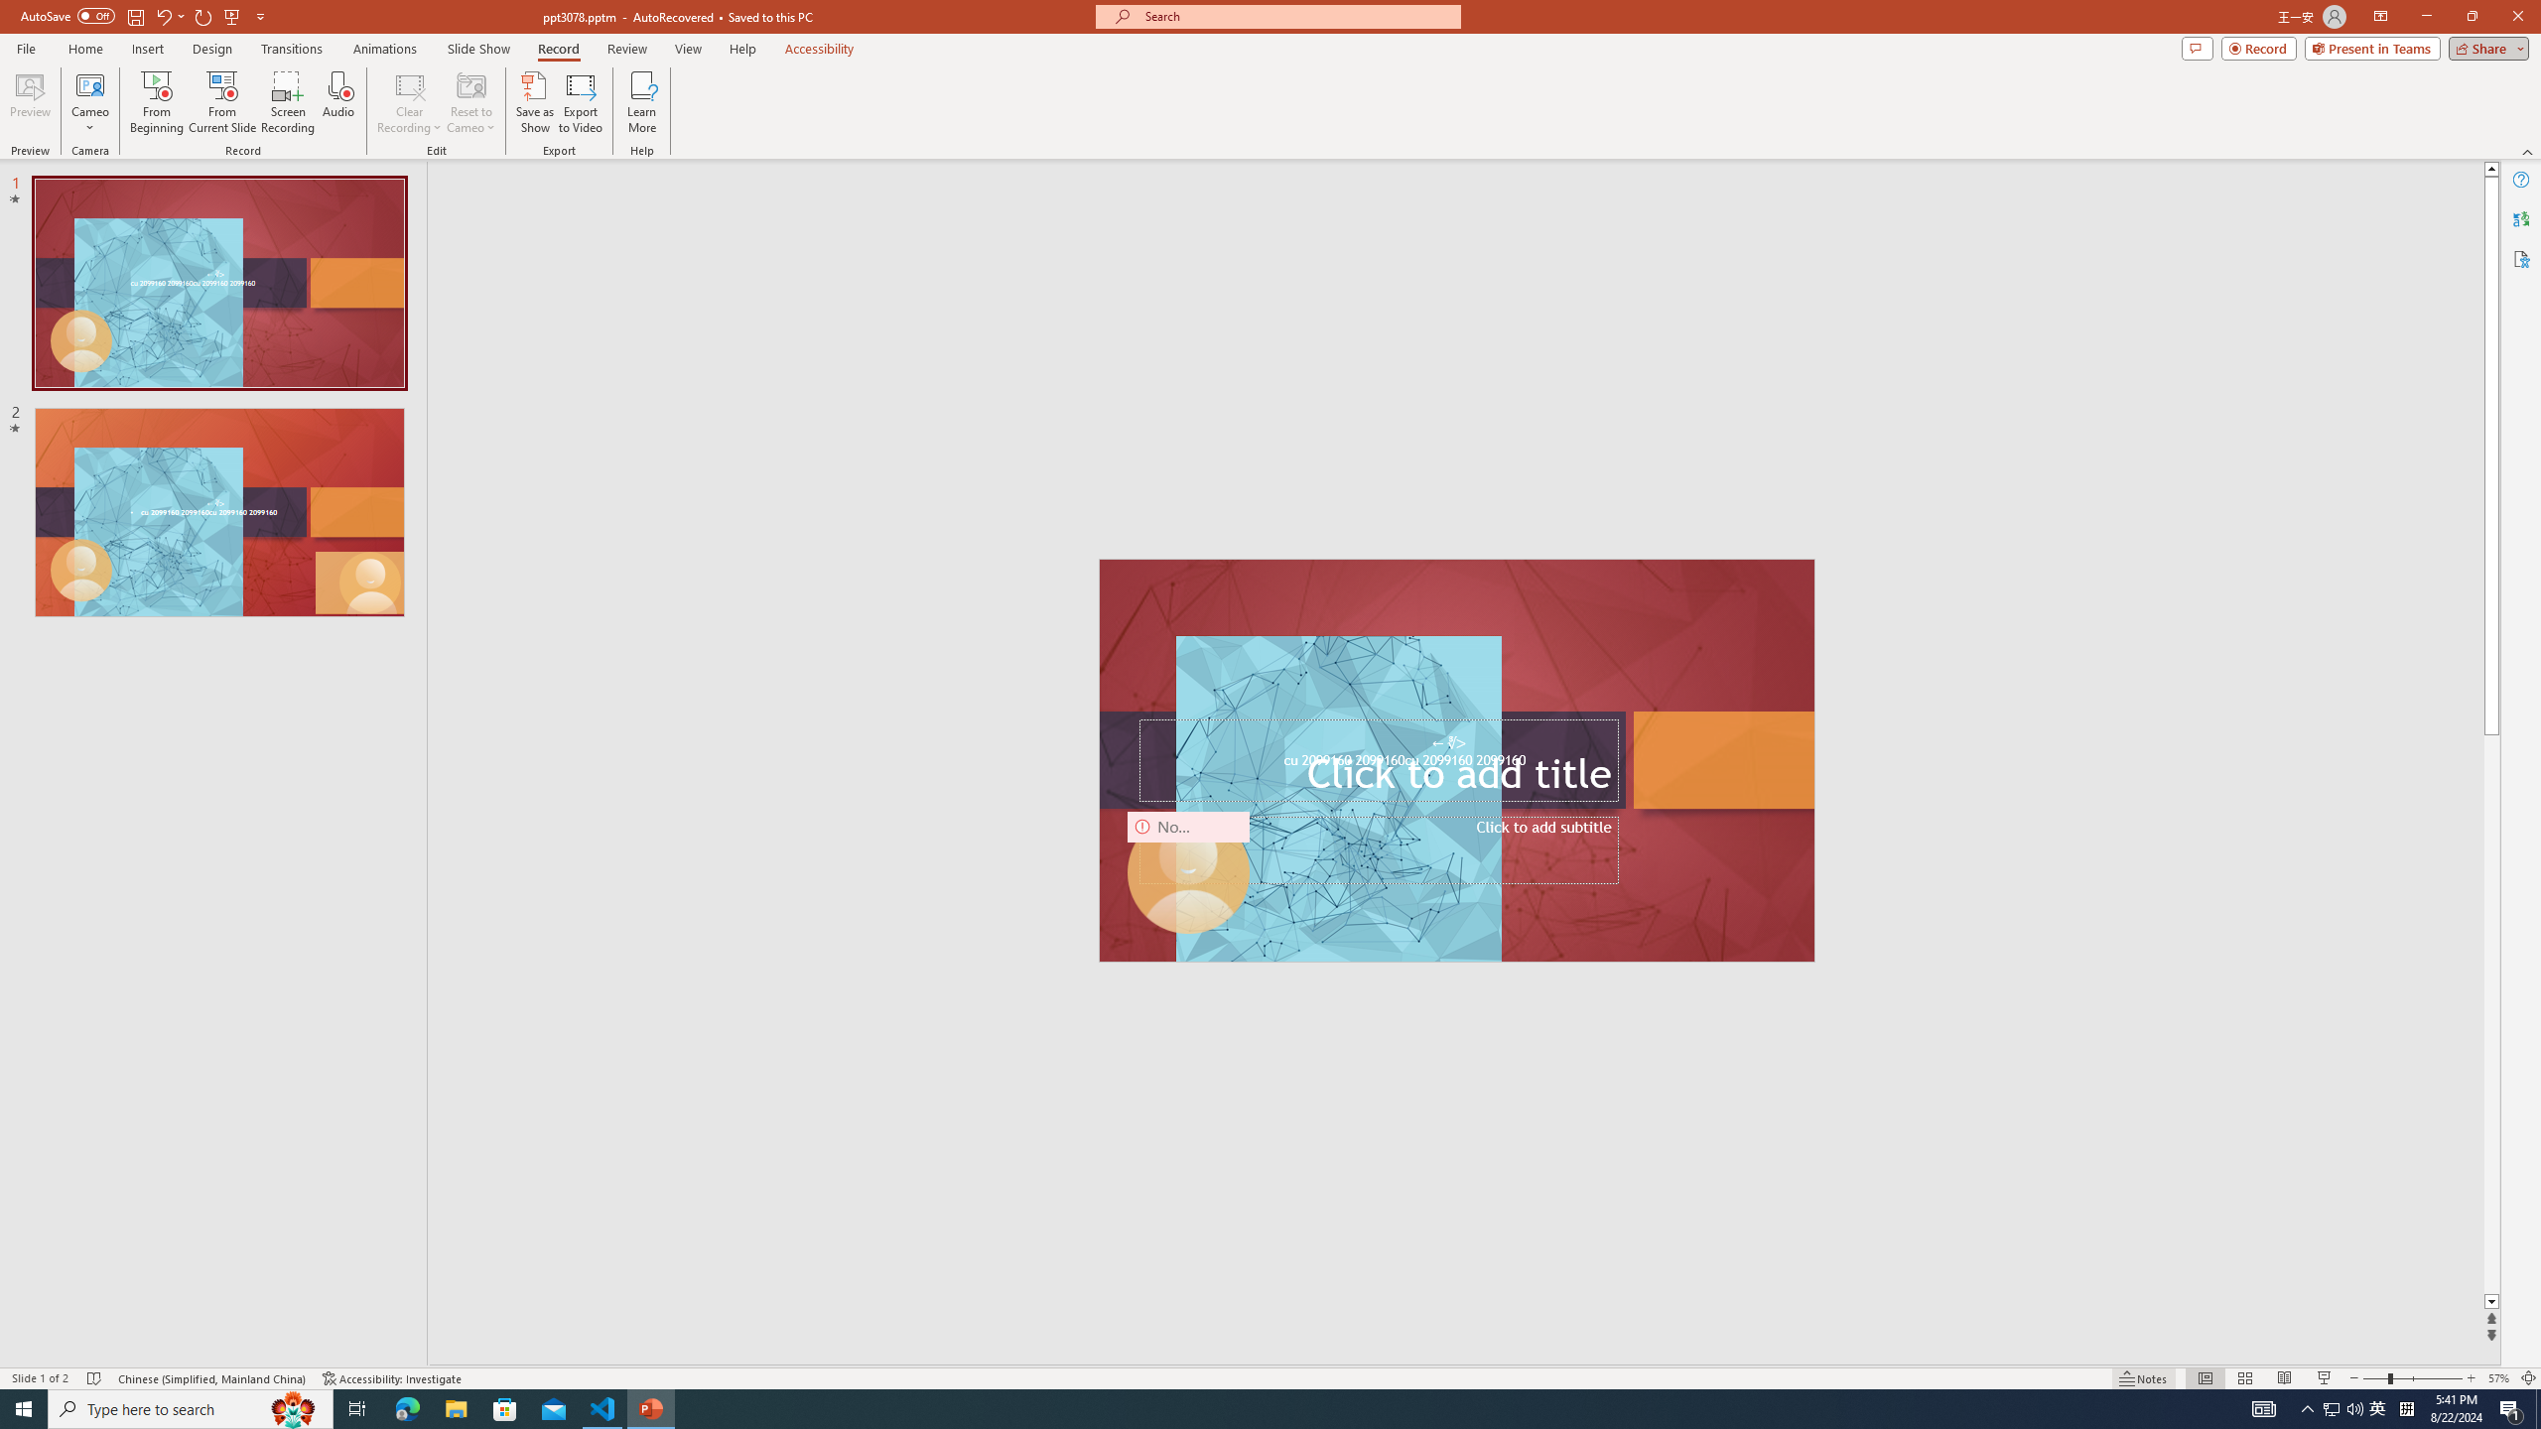 Image resolution: width=2541 pixels, height=1429 pixels. Describe the element at coordinates (222, 102) in the screenshot. I see `'From Current Slide...'` at that location.